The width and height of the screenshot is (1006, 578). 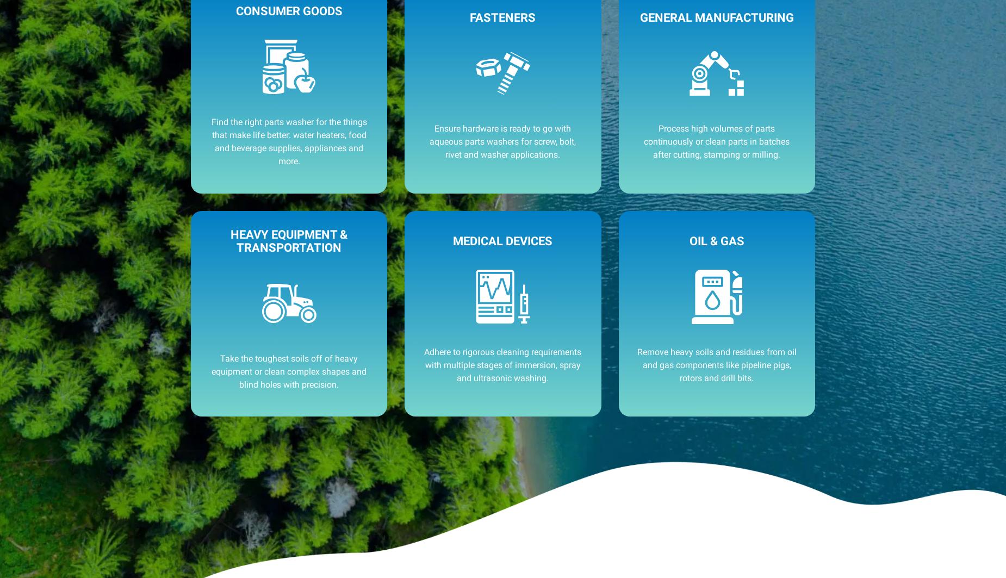 I want to click on 'Heavy Equipment & Transportation', so click(x=230, y=240).